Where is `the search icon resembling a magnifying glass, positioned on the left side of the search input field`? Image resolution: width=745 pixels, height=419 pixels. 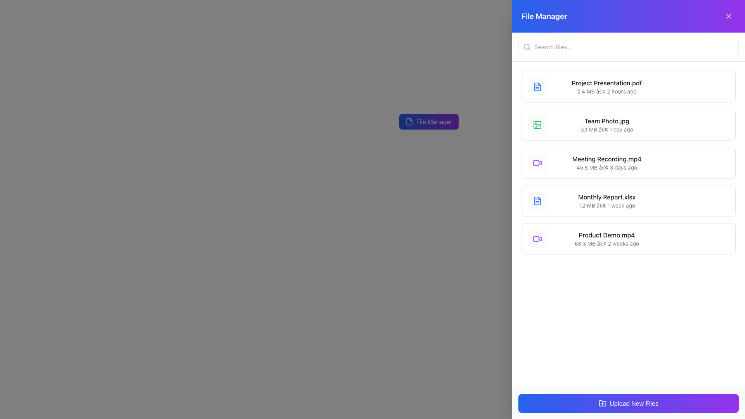 the search icon resembling a magnifying glass, positioned on the left side of the search input field is located at coordinates (527, 47).